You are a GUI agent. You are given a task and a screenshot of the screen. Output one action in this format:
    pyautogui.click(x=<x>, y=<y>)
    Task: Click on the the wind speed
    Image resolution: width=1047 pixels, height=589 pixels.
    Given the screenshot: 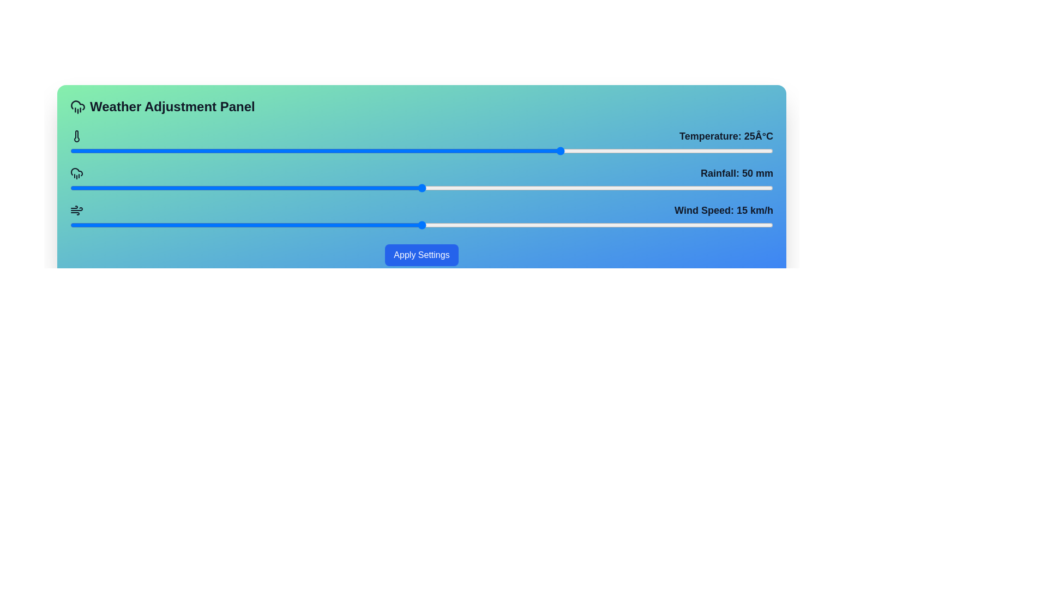 What is the action you would take?
    pyautogui.click(x=445, y=224)
    